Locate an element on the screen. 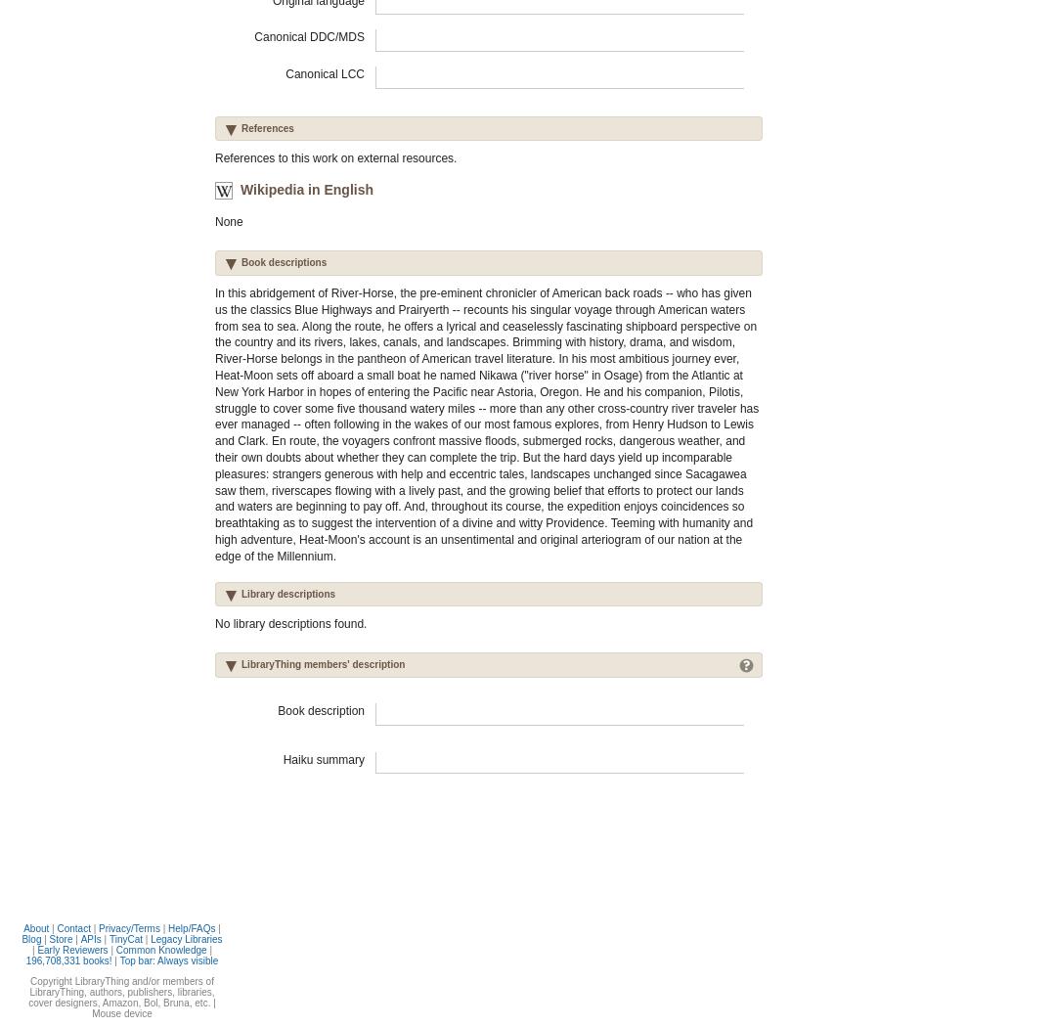 The height and width of the screenshot is (1027, 1054). '| Mouse device' is located at coordinates (152, 1006).